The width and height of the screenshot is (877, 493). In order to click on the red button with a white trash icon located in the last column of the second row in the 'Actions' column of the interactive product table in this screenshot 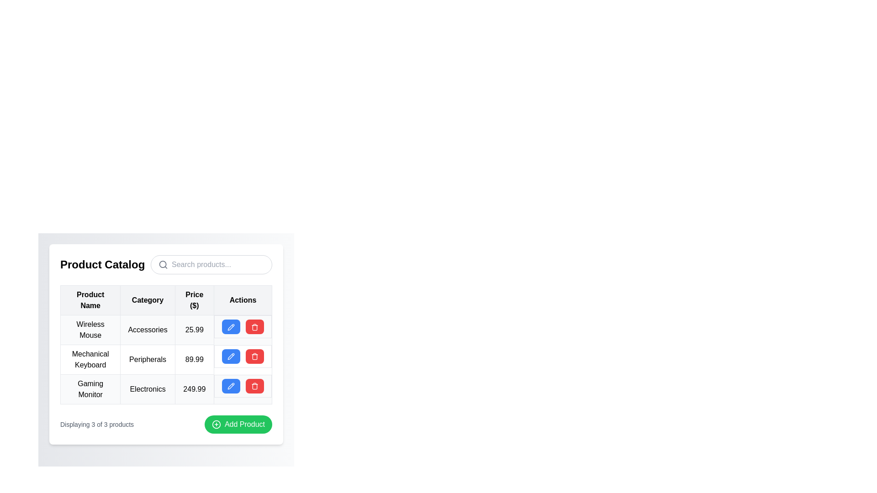, I will do `click(254, 356)`.